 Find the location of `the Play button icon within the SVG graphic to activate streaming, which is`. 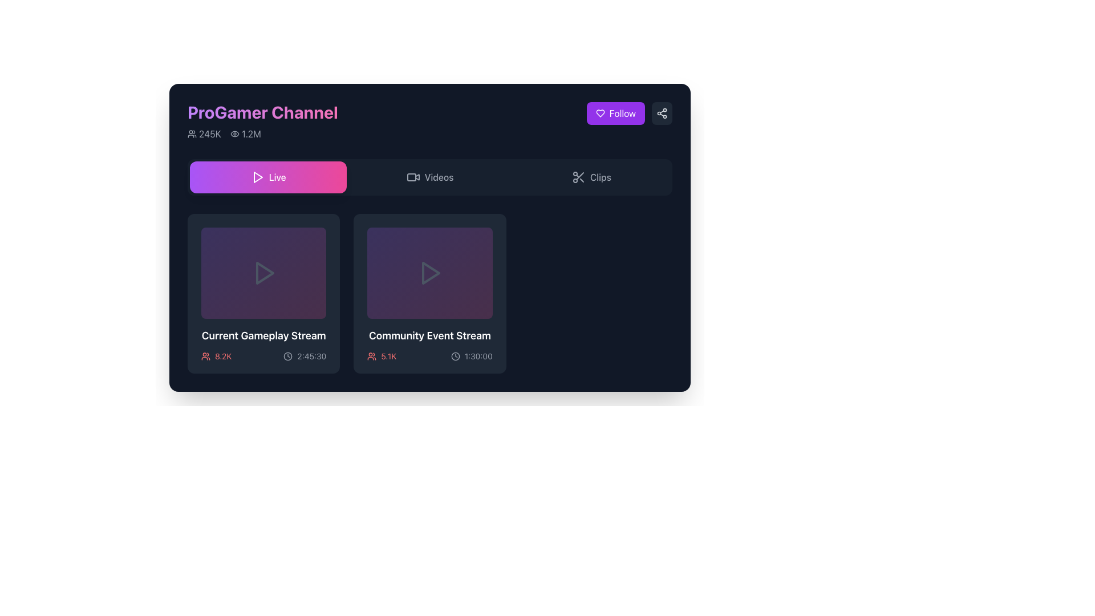

the Play button icon within the SVG graphic to activate streaming, which is is located at coordinates (257, 177).